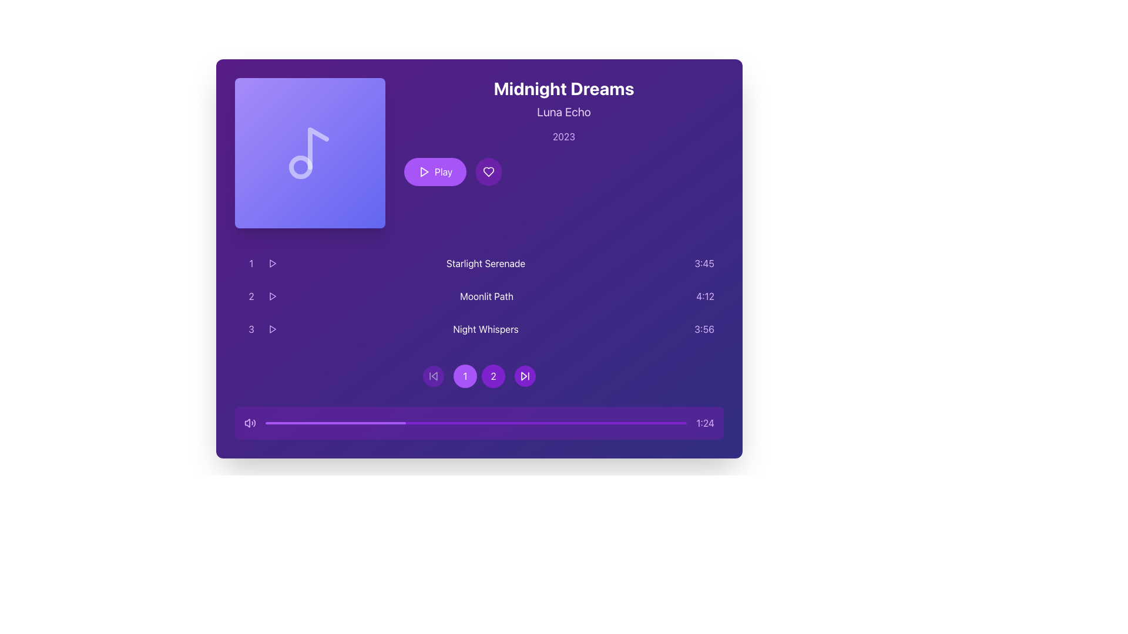 The height and width of the screenshot is (634, 1128). I want to click on the play icon, which is a triangular arrow pointing to the right inside a purple circular button labeled 'Play', to initiate playback, so click(423, 172).